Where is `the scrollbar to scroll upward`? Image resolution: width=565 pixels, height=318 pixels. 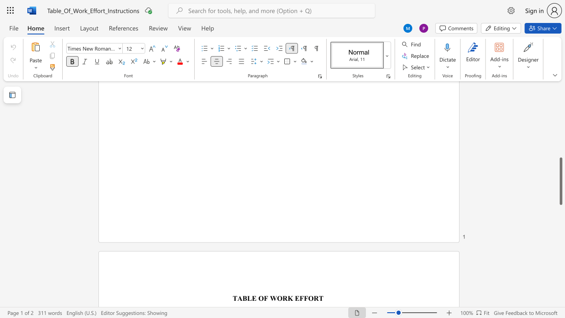
the scrollbar to scroll upward is located at coordinates (560, 105).